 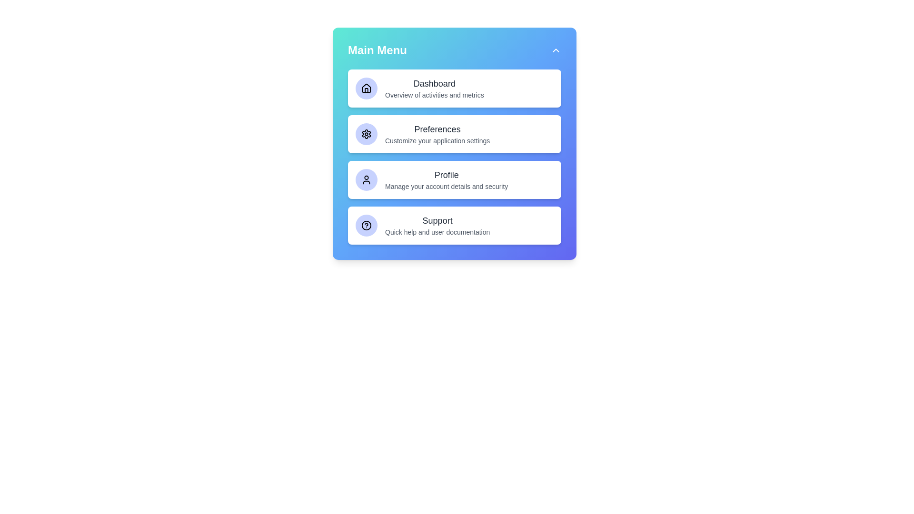 What do you see at coordinates (454, 180) in the screenshot?
I see `the menu option Profile to reveal its details` at bounding box center [454, 180].